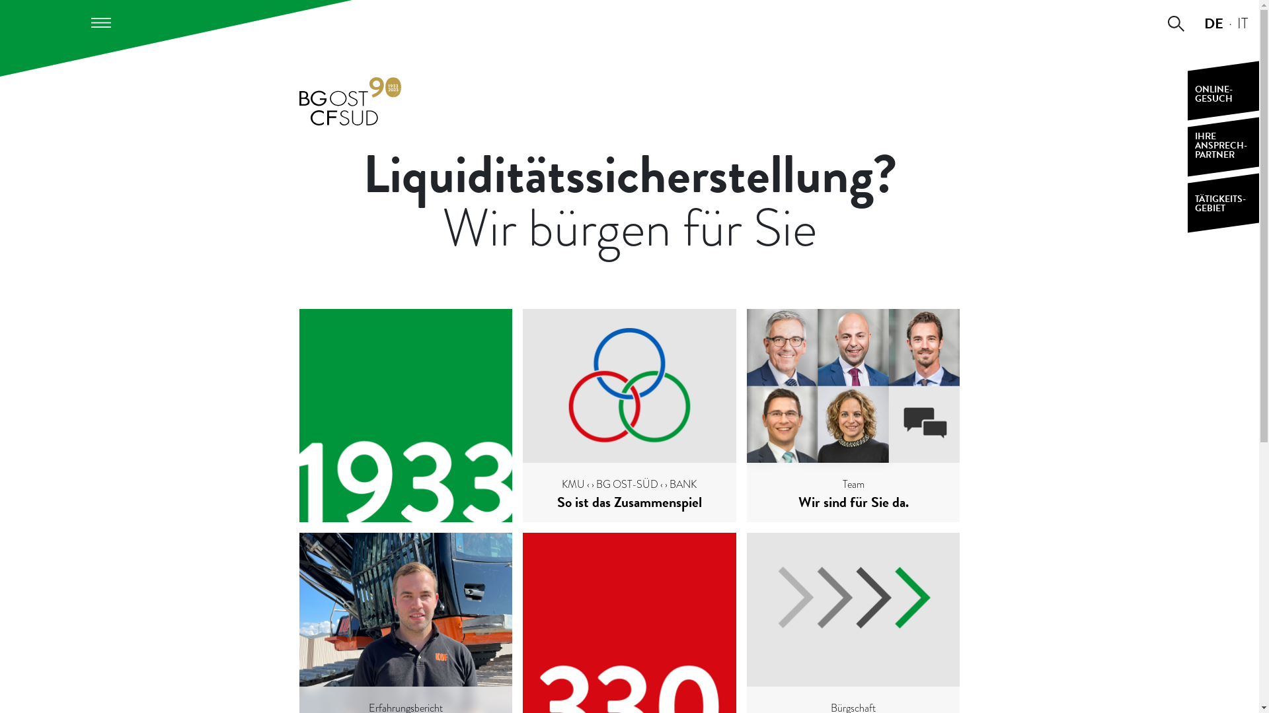 The width and height of the screenshot is (1269, 713). What do you see at coordinates (1223, 90) in the screenshot?
I see `'ONLINE-GESUCH'` at bounding box center [1223, 90].